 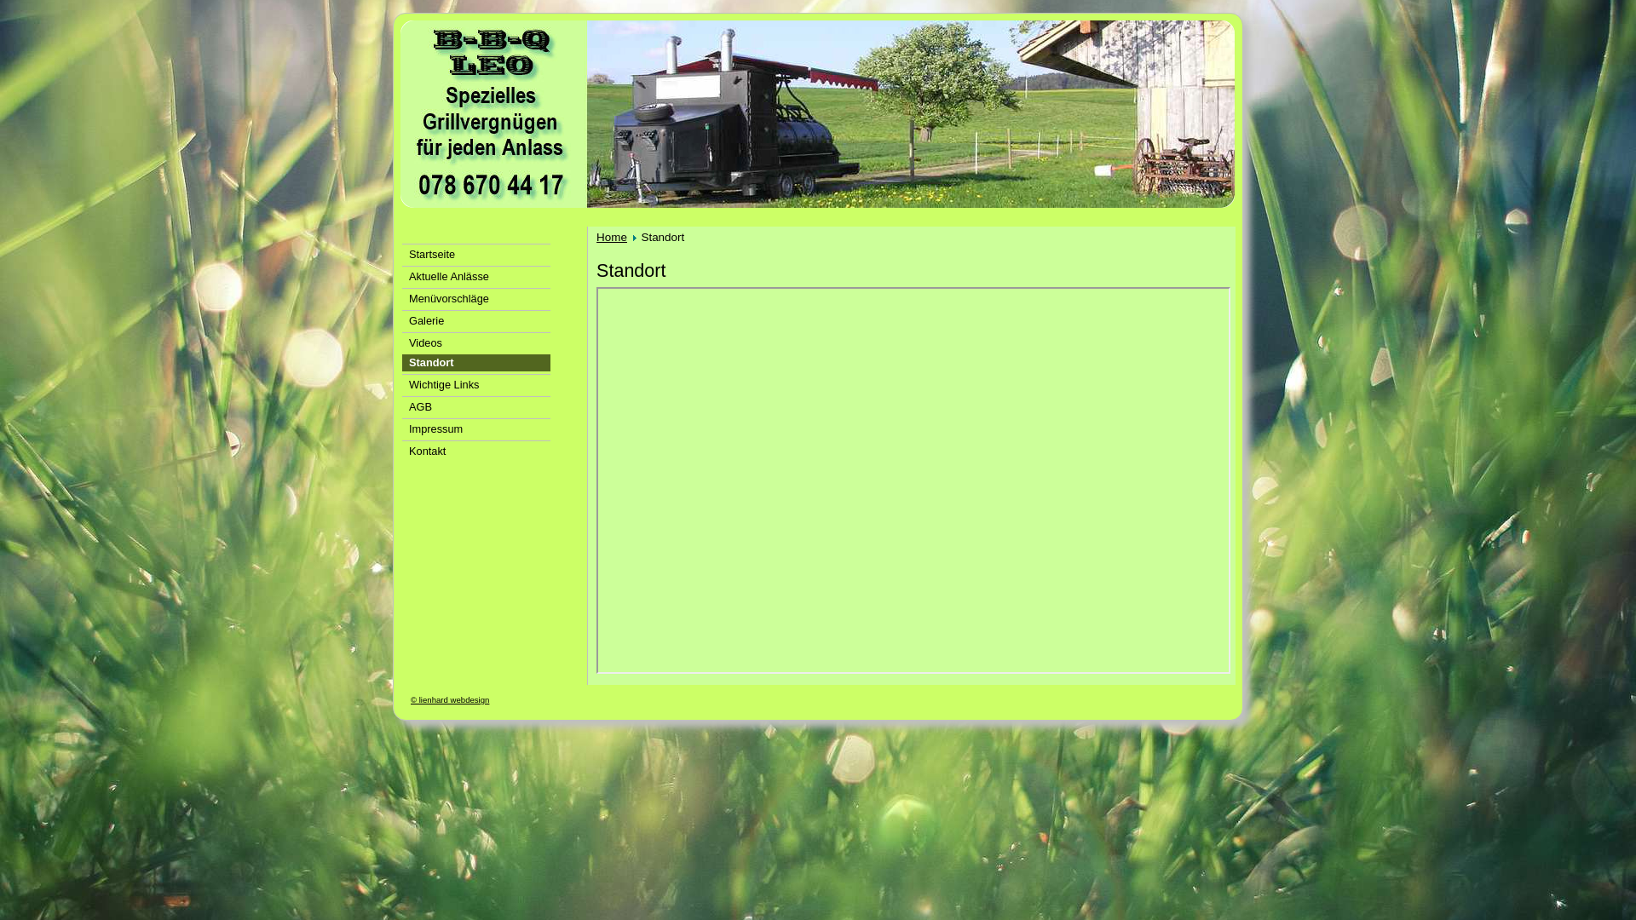 What do you see at coordinates (400, 114) in the screenshot?
I see `'bbqleo'` at bounding box center [400, 114].